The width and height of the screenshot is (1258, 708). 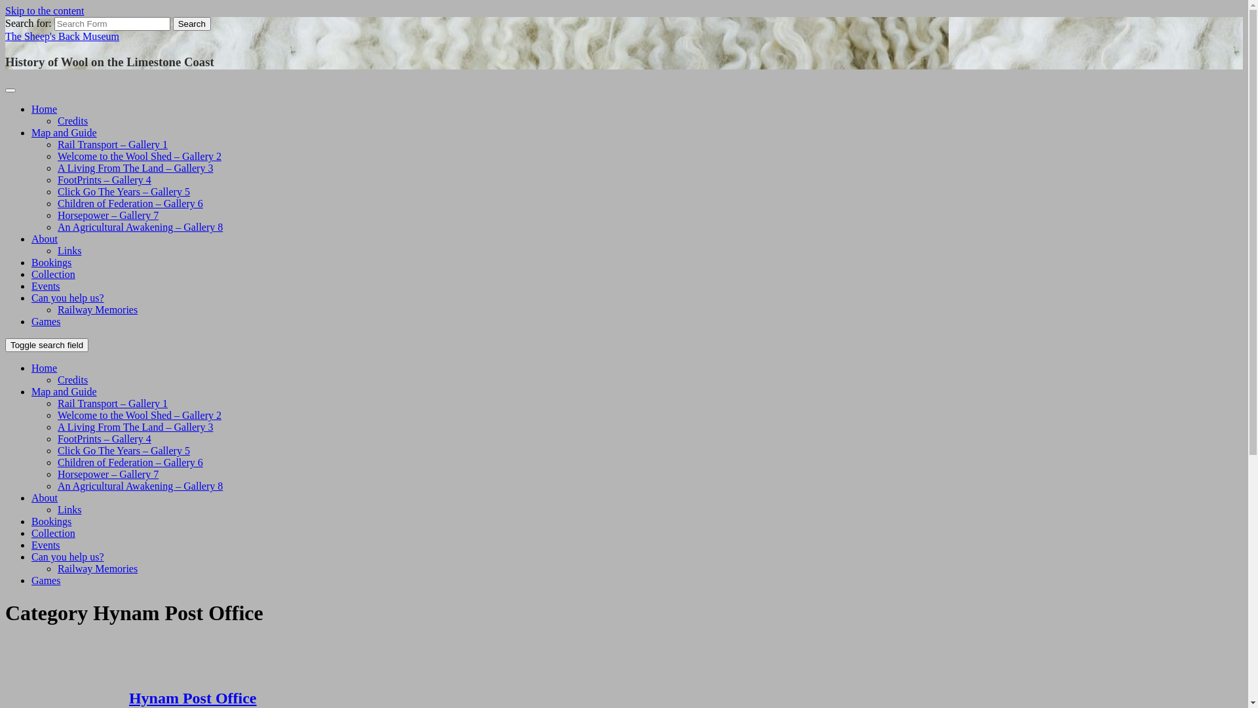 What do you see at coordinates (68, 509) in the screenshot?
I see `'Links'` at bounding box center [68, 509].